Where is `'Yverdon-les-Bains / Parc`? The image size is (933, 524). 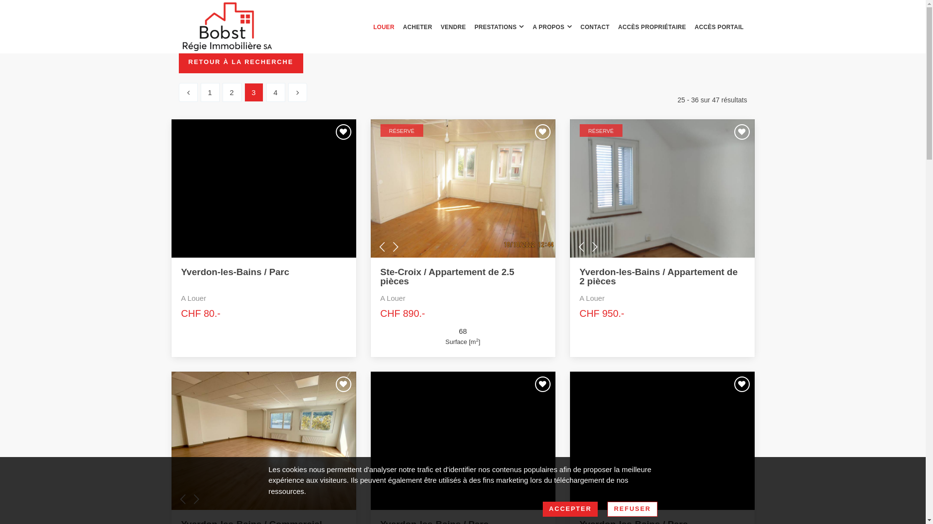 'Yverdon-les-Bains / Parc is located at coordinates (263, 293).